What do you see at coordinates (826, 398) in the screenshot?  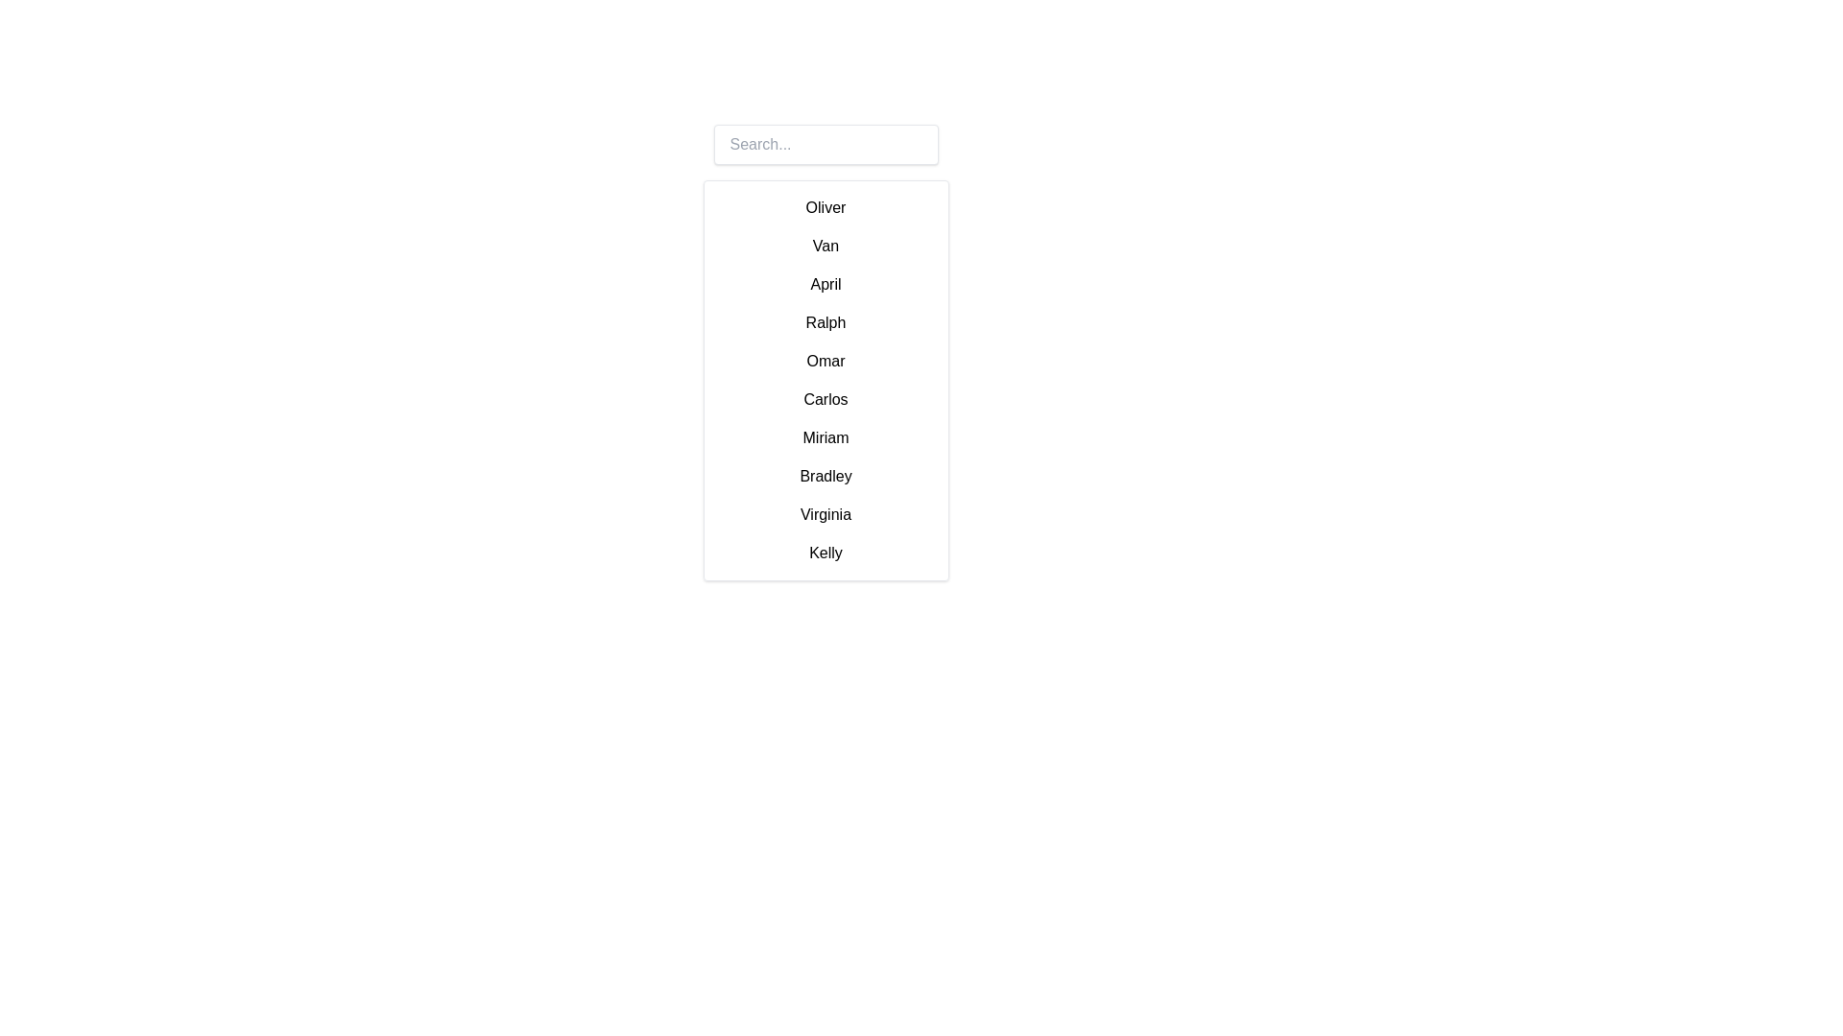 I see `the dropdown menu list item representing 'Carlos', which is the sixth item in the list` at bounding box center [826, 398].